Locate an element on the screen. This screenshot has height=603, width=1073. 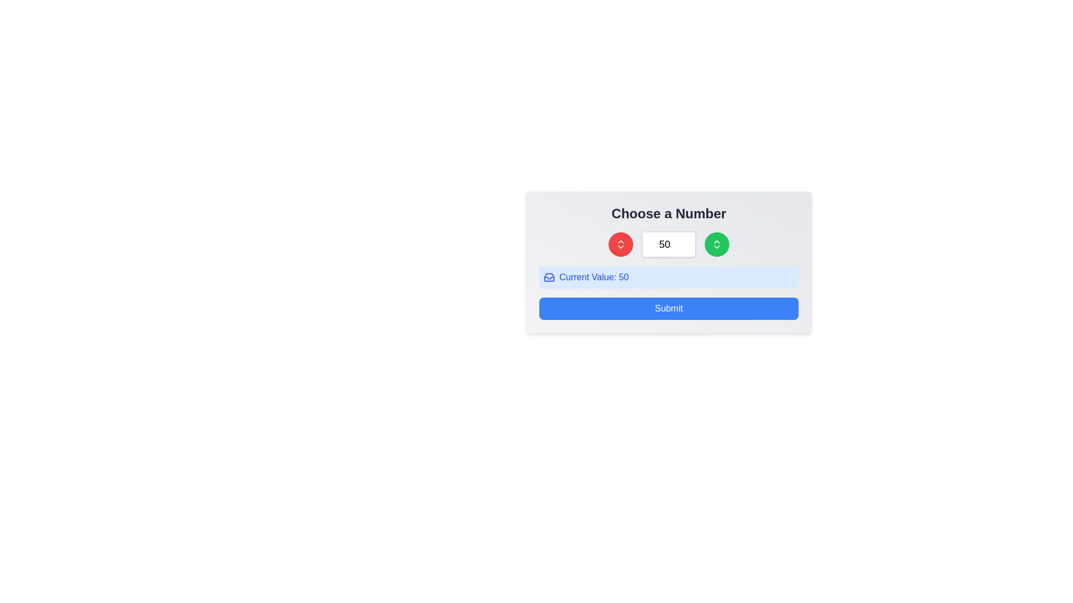
the button located is located at coordinates (716, 244).